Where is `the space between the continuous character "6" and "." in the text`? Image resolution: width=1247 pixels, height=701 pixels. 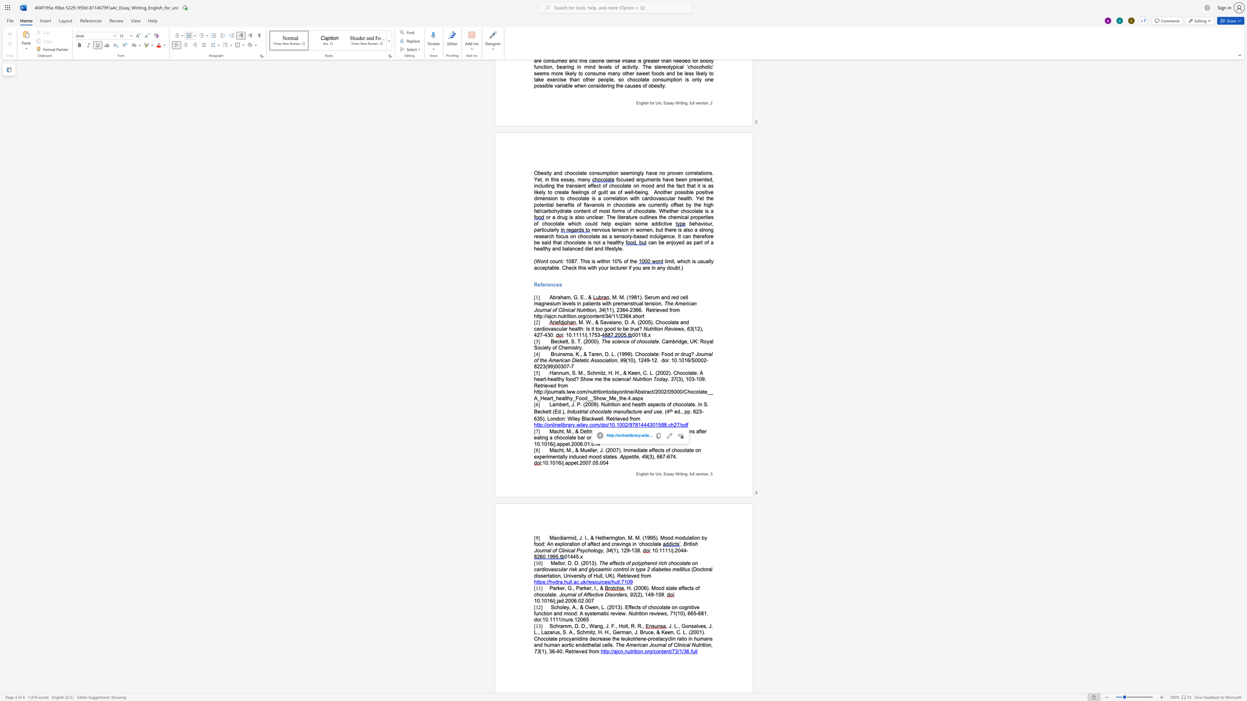
the space between the continuous character "6" and "." in the text is located at coordinates (582, 443).